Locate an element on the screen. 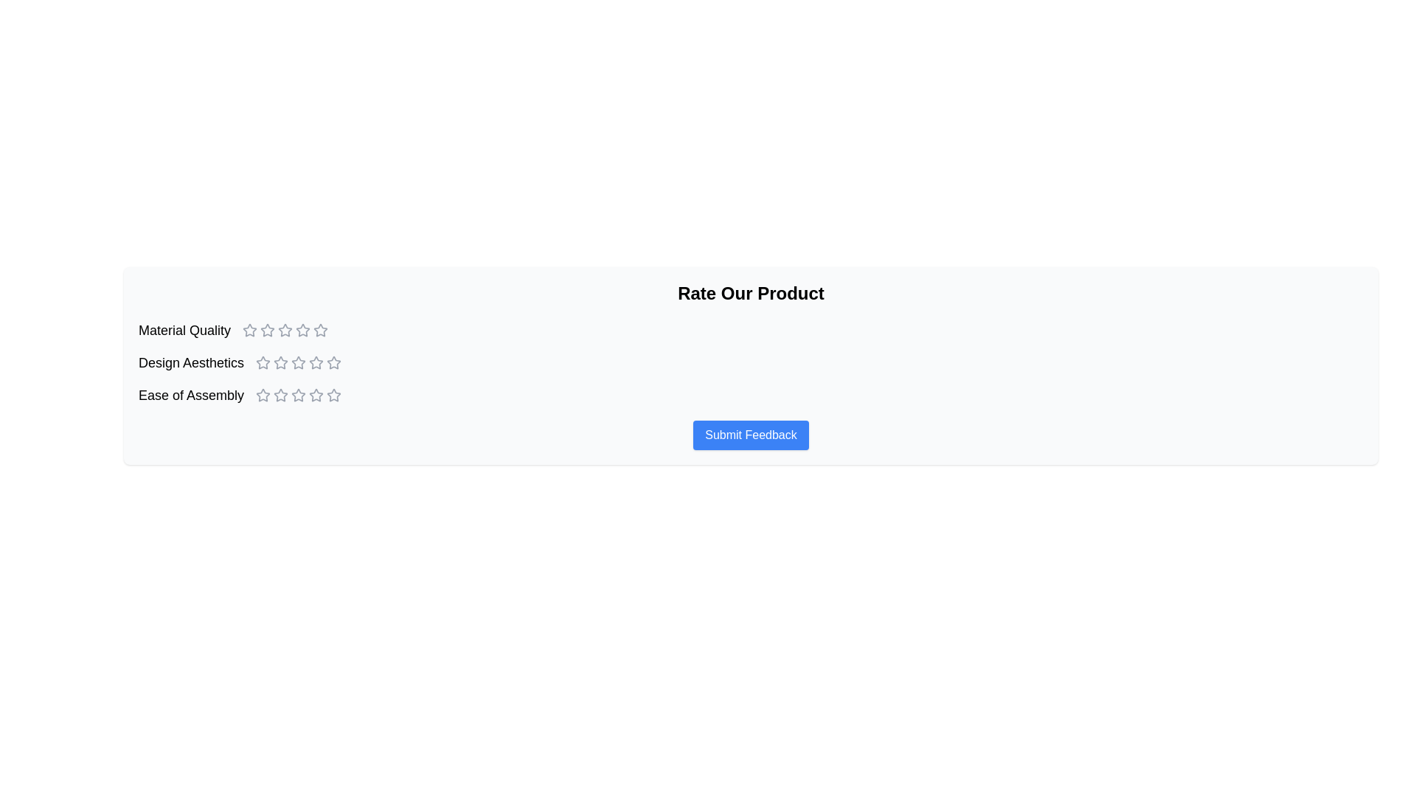 Image resolution: width=1416 pixels, height=797 pixels. the fourth star-shaped interactive rating icon, which is part of a five-star rating system under the 'Ease of Assembly' category is located at coordinates (333, 394).